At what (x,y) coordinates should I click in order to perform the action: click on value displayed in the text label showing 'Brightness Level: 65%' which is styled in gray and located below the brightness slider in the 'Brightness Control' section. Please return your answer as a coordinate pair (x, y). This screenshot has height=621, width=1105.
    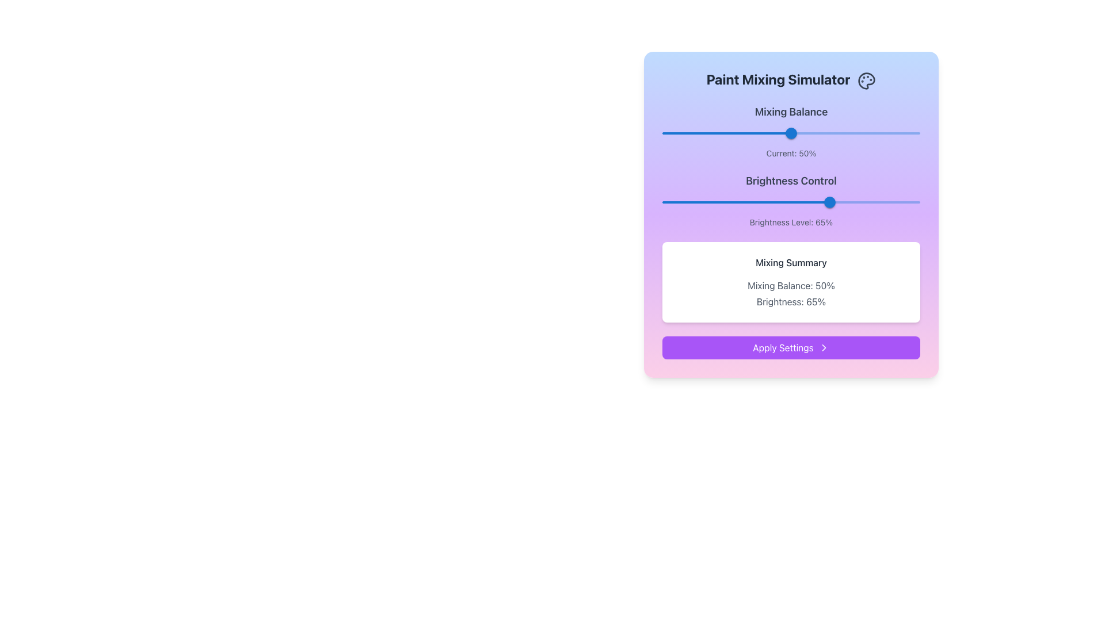
    Looking at the image, I should click on (790, 221).